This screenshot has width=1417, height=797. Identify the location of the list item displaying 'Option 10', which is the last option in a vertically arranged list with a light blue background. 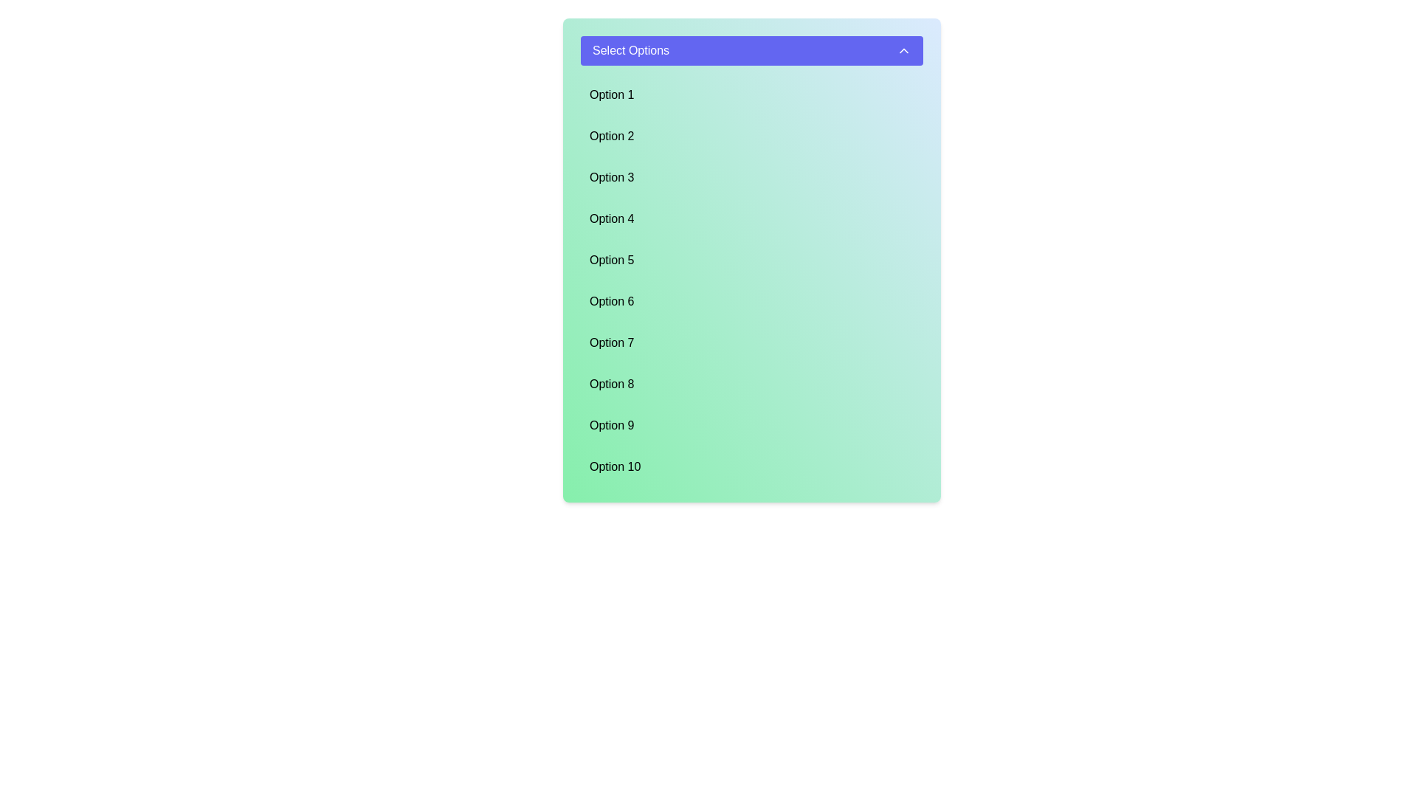
(751, 466).